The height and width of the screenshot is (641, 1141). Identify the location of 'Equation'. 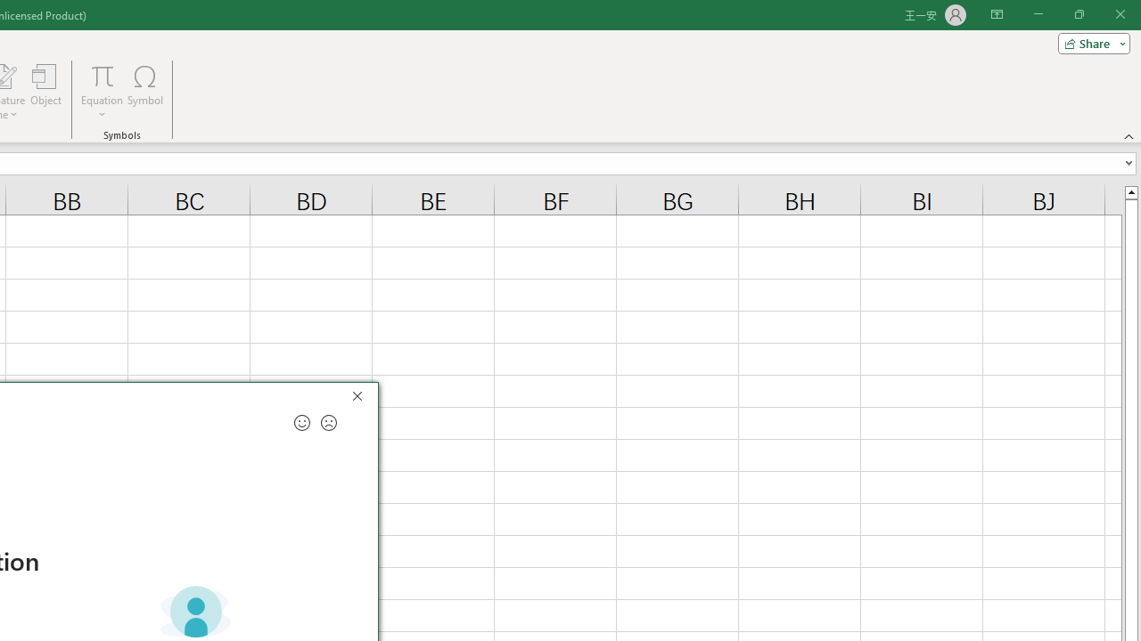
(102, 92).